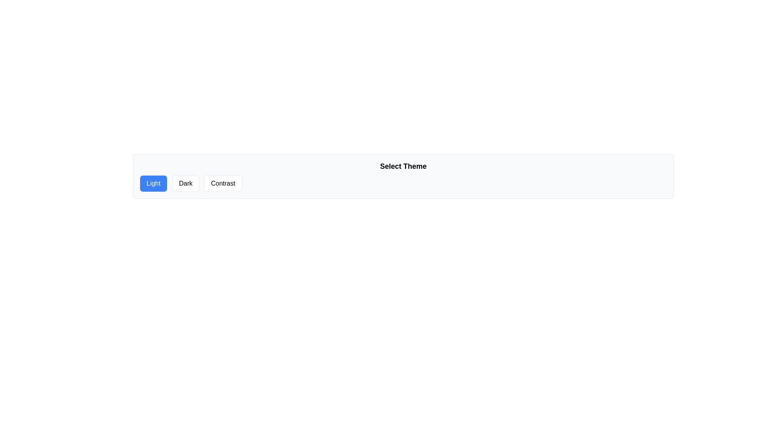 This screenshot has height=433, width=771. Describe the element at coordinates (153, 184) in the screenshot. I see `the leftmost button` at that location.